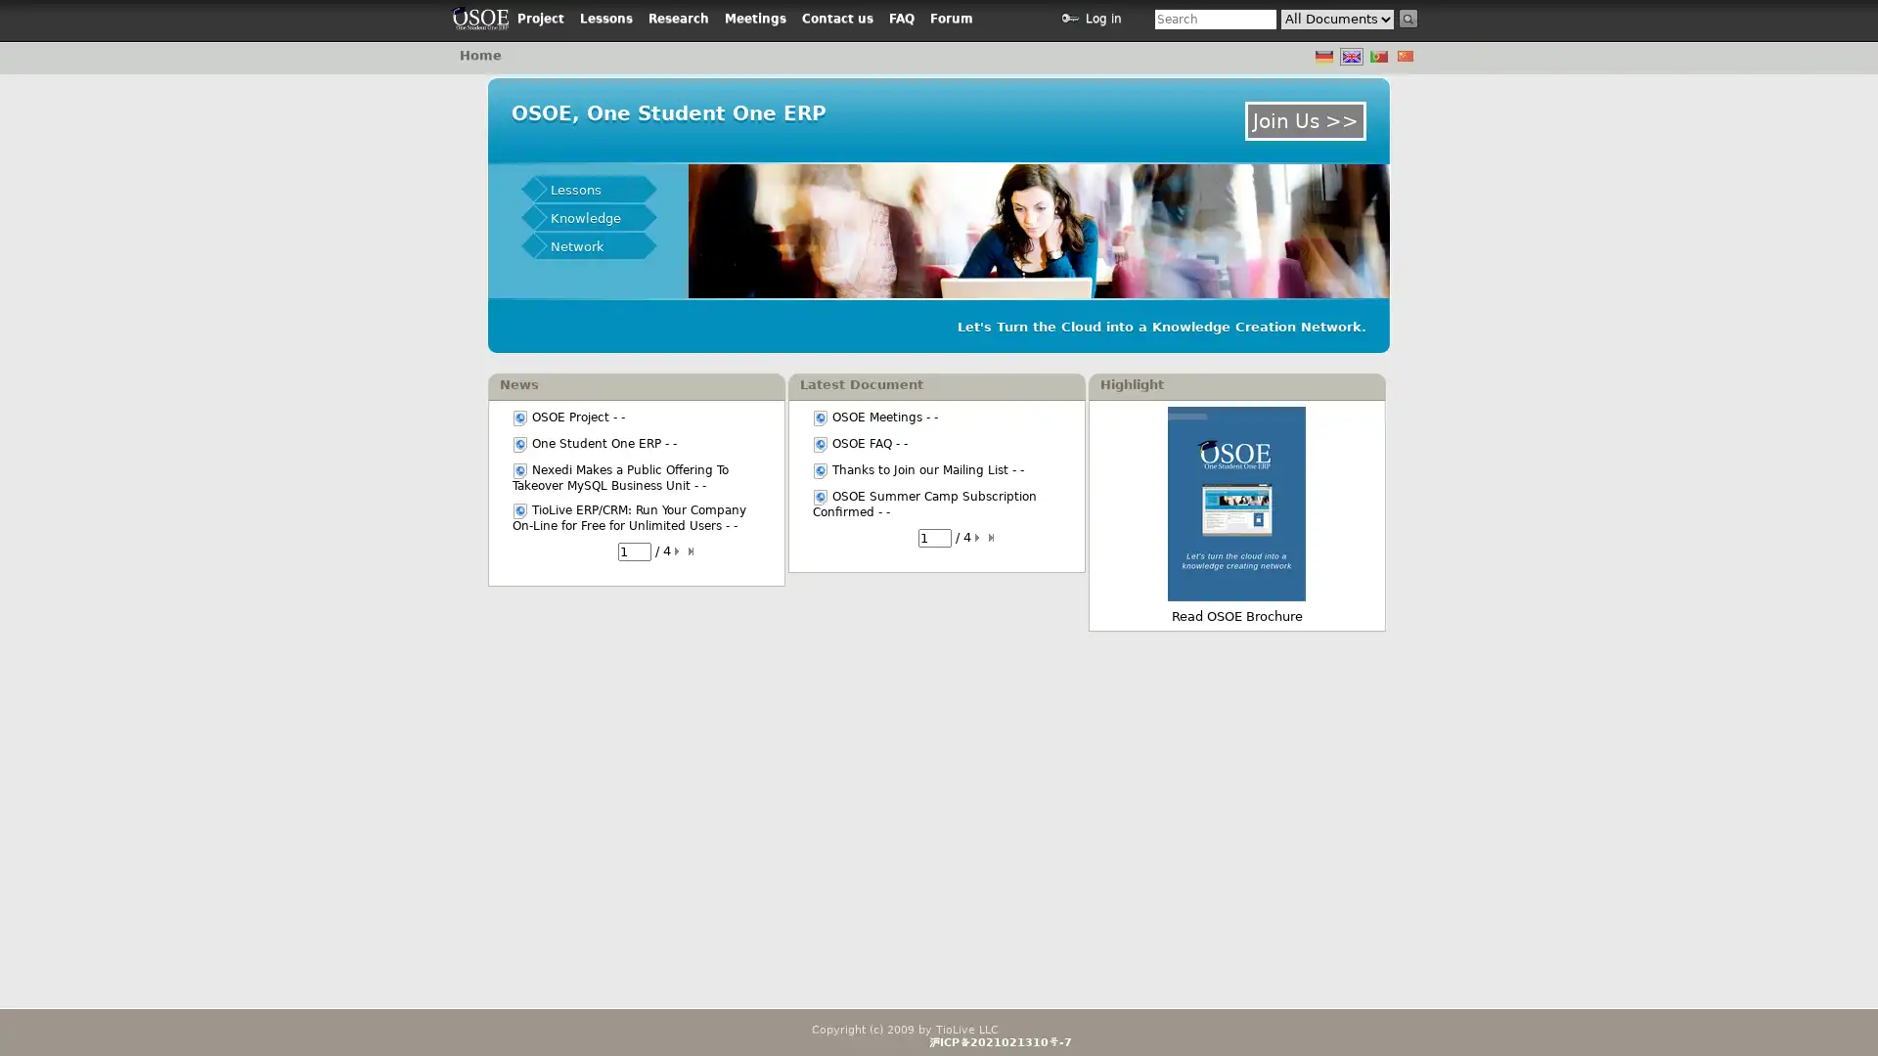 Image resolution: width=1878 pixels, height=1056 pixels. I want to click on Submit, so click(1408, 19).